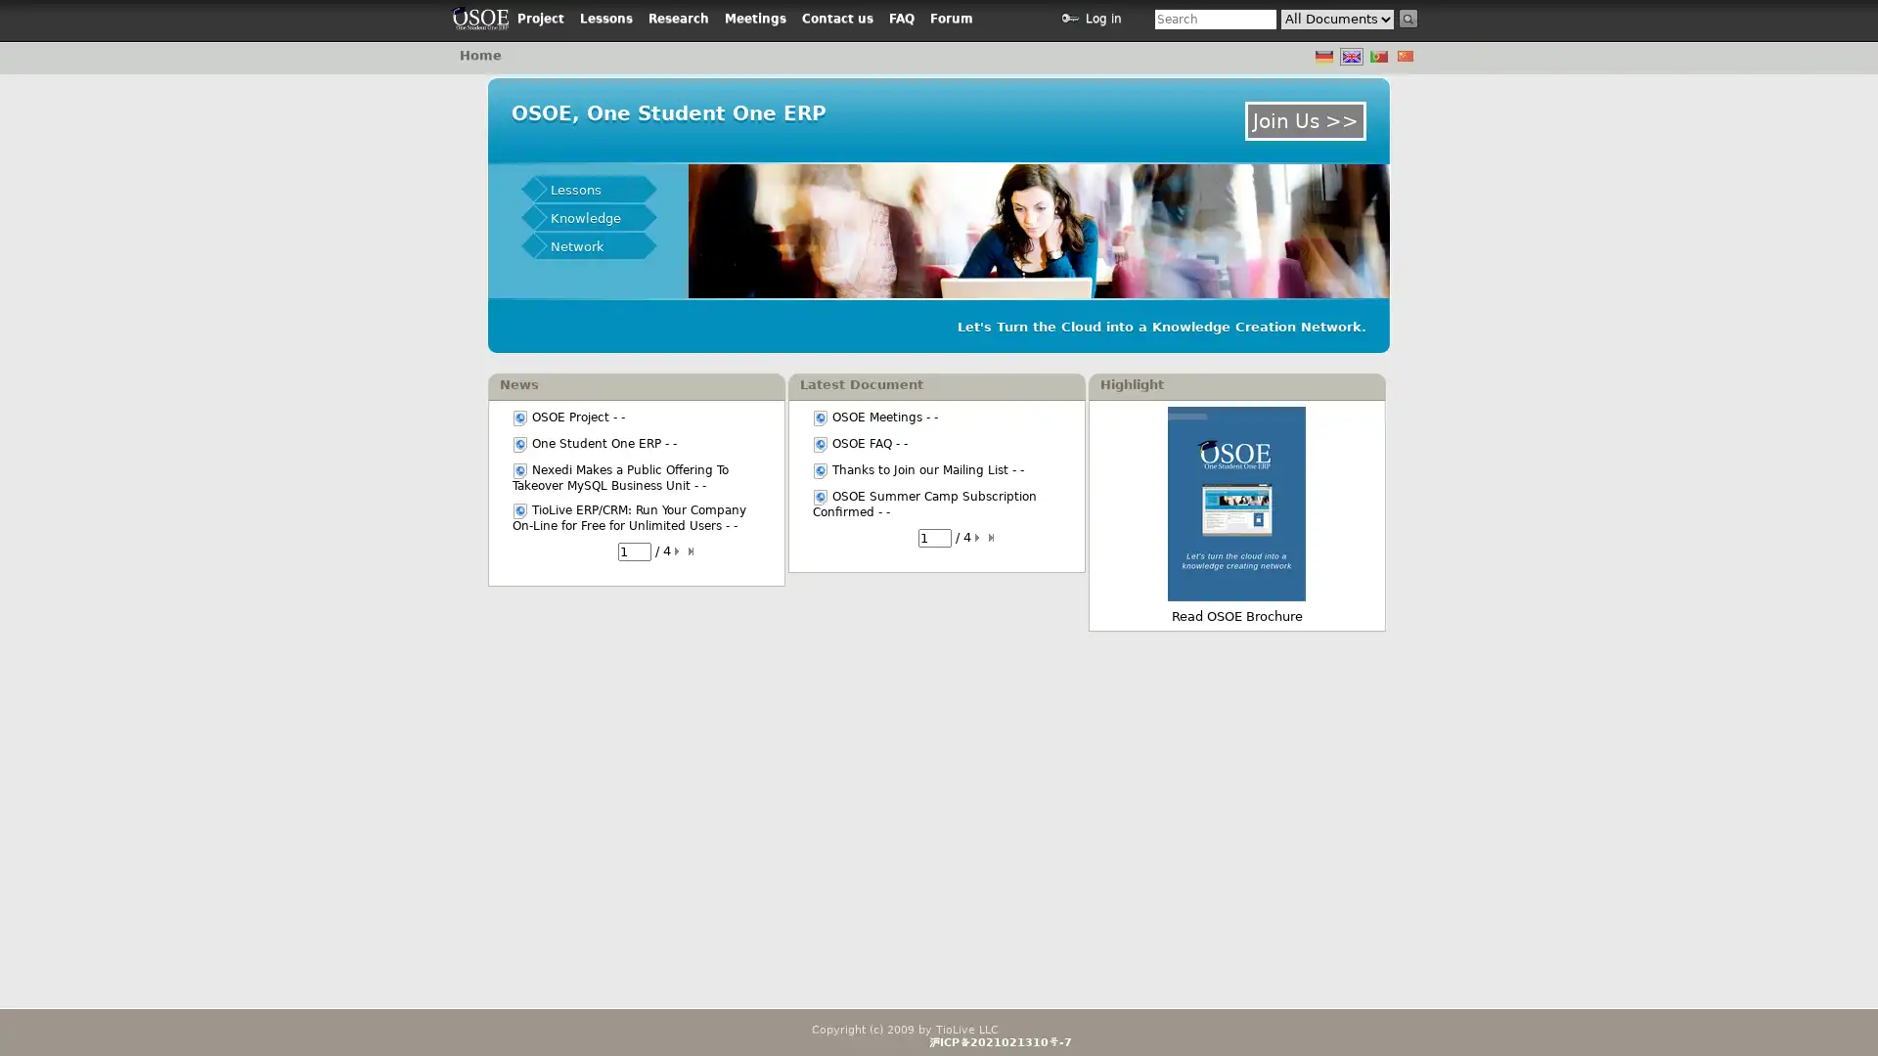 Image resolution: width=1878 pixels, height=1056 pixels. I want to click on Submit, so click(1408, 19).